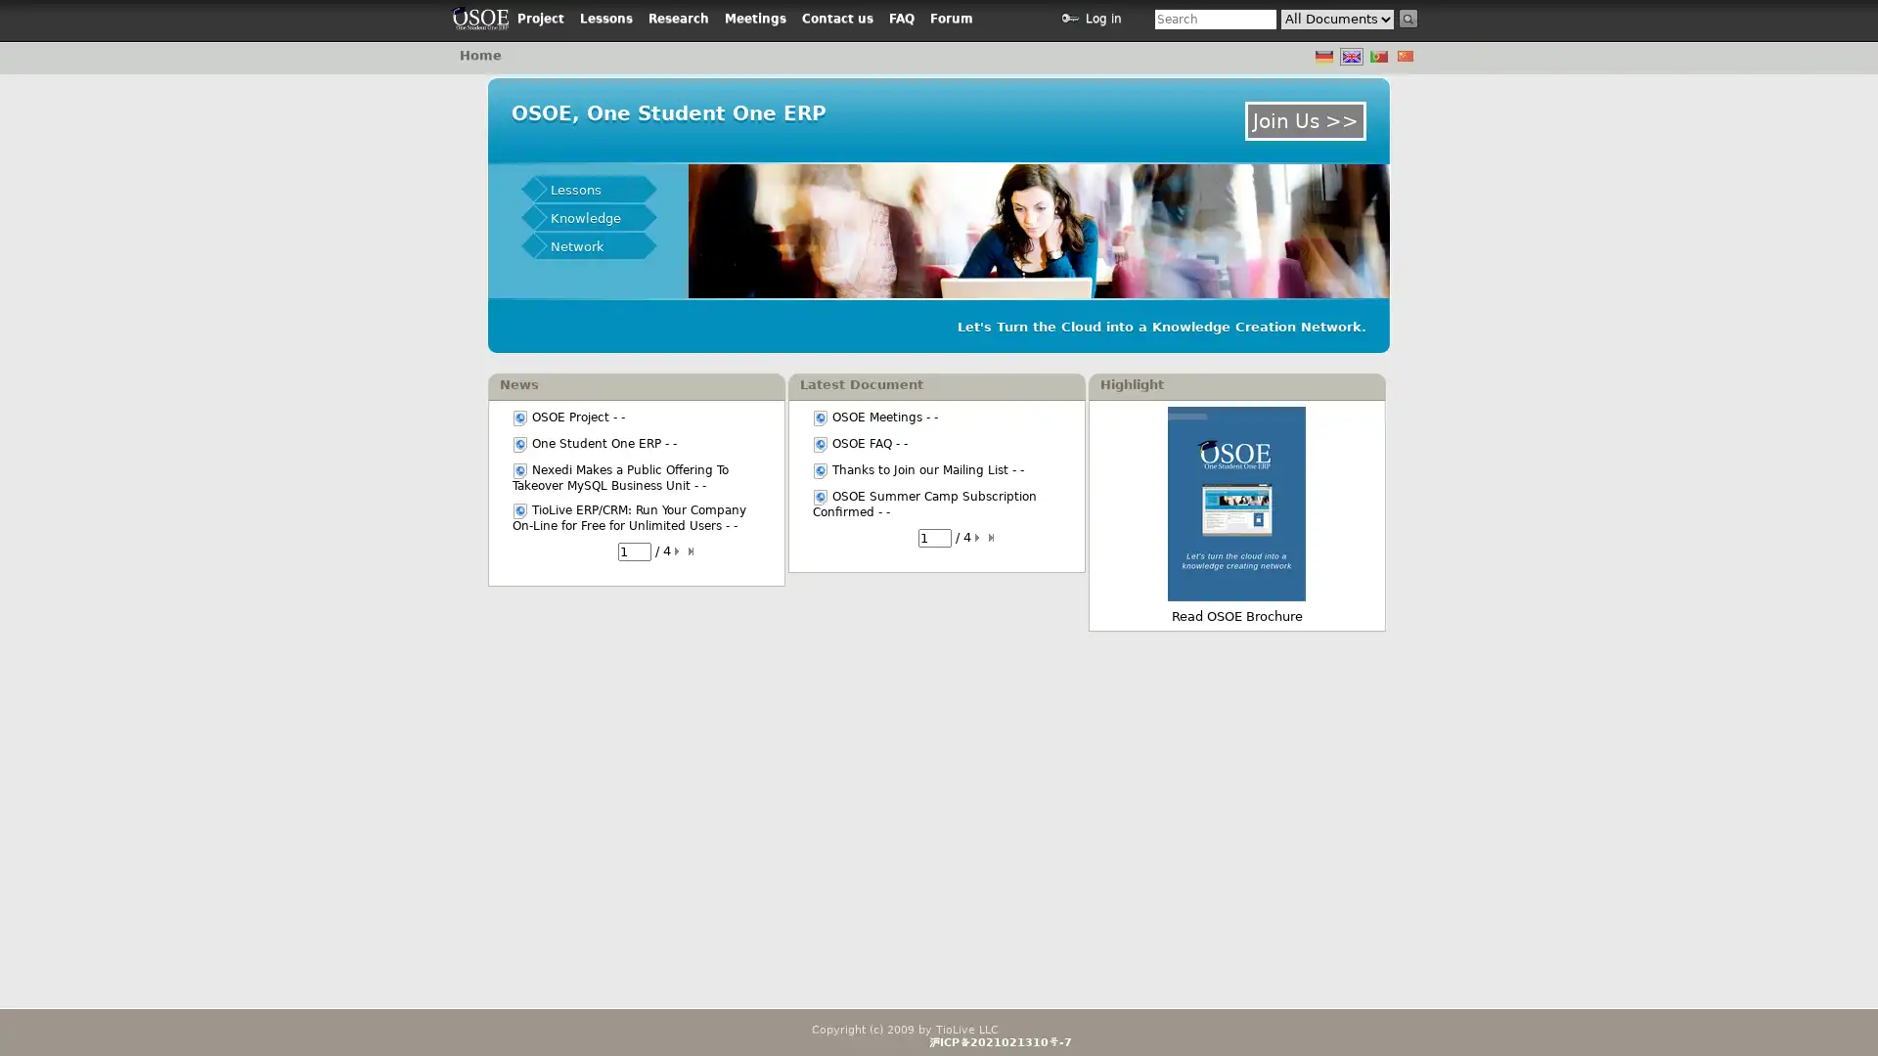 Image resolution: width=1878 pixels, height=1056 pixels. I want to click on Submit, so click(1408, 19).